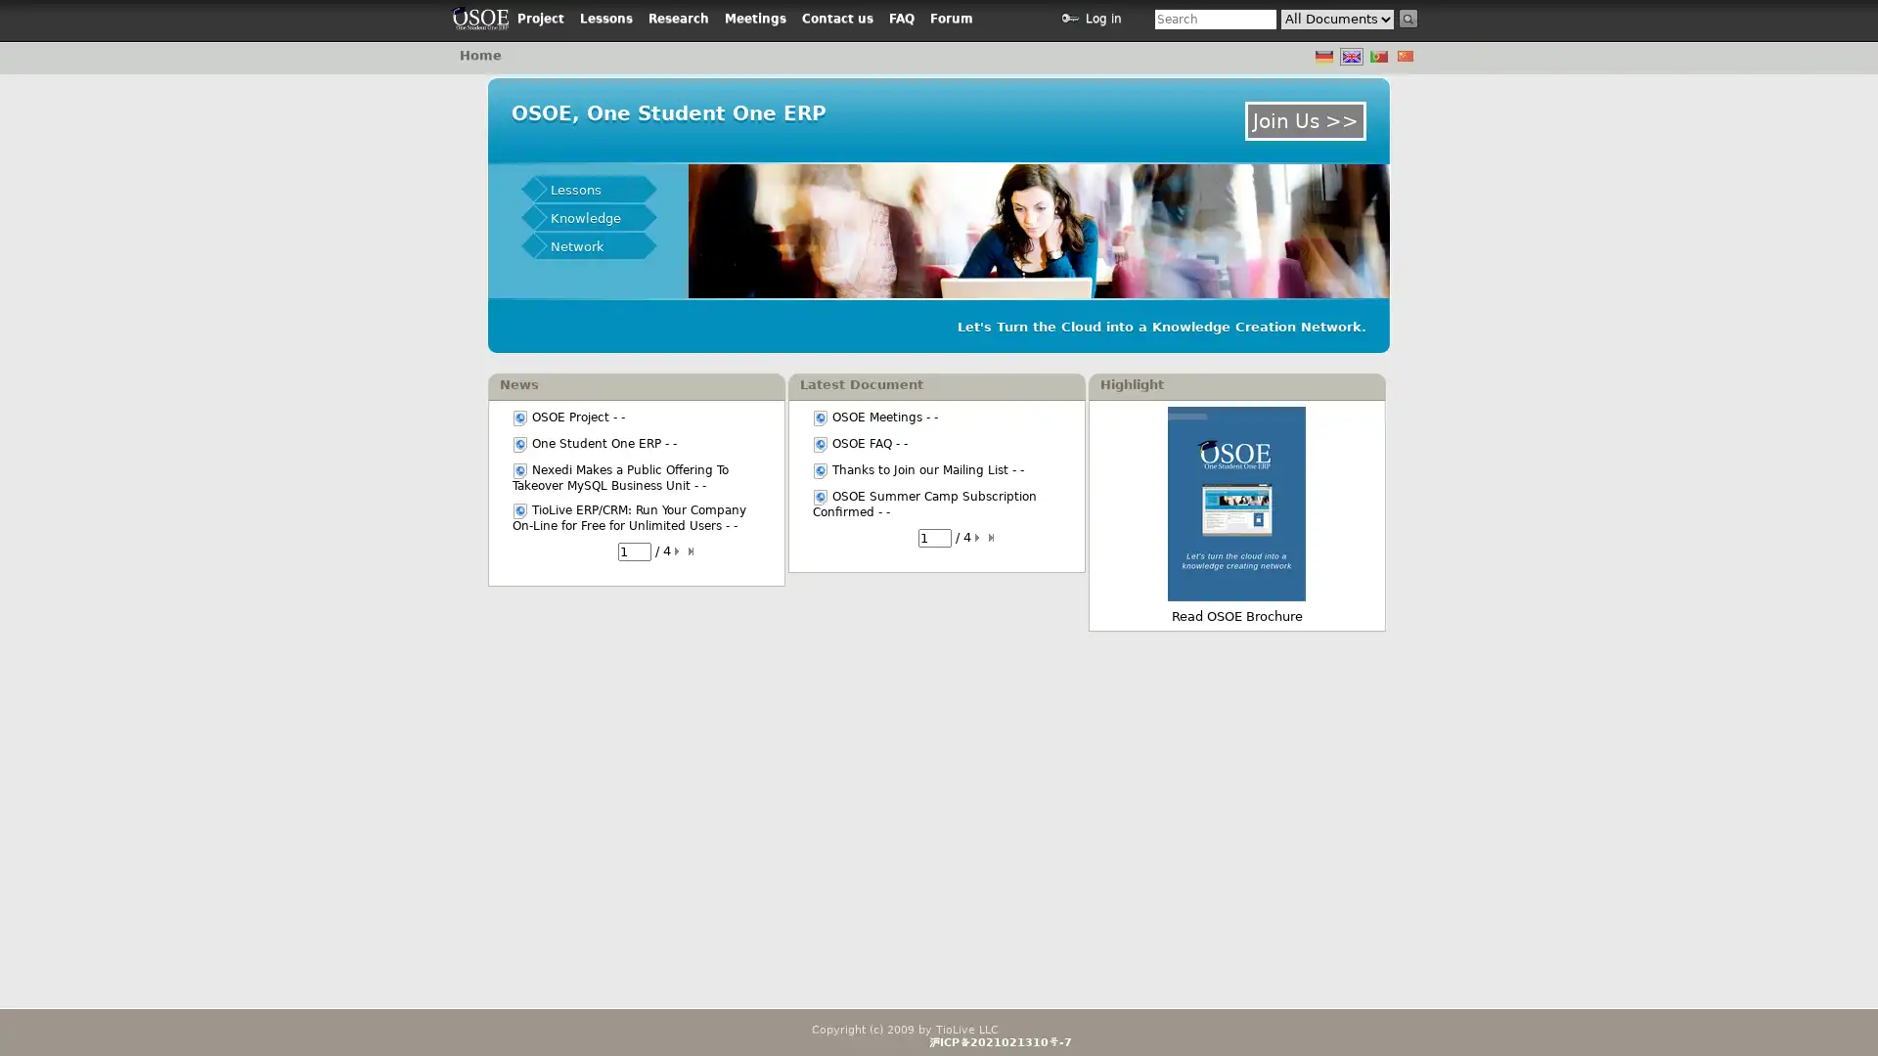 Image resolution: width=1878 pixels, height=1056 pixels. I want to click on Submit, so click(1408, 19).